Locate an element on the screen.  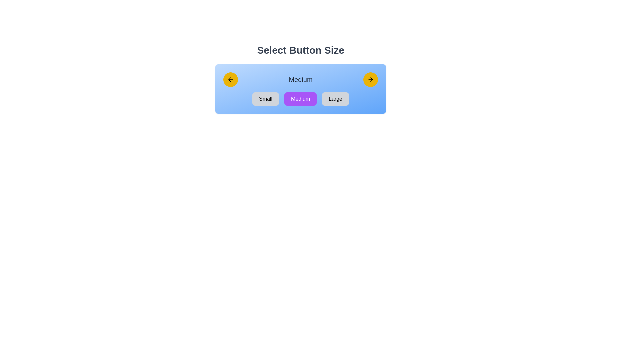
the left-pointing arrow icon, which is displayed in a yellow circular background, located on the left side of the rectangular area with a gradient blue background is located at coordinates (230, 79).